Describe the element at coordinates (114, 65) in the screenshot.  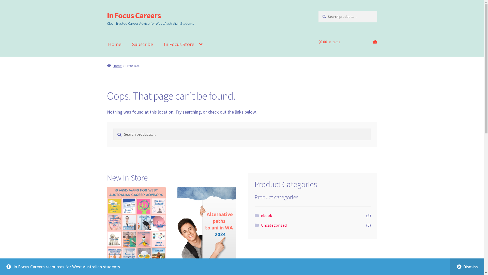
I see `'Home'` at that location.